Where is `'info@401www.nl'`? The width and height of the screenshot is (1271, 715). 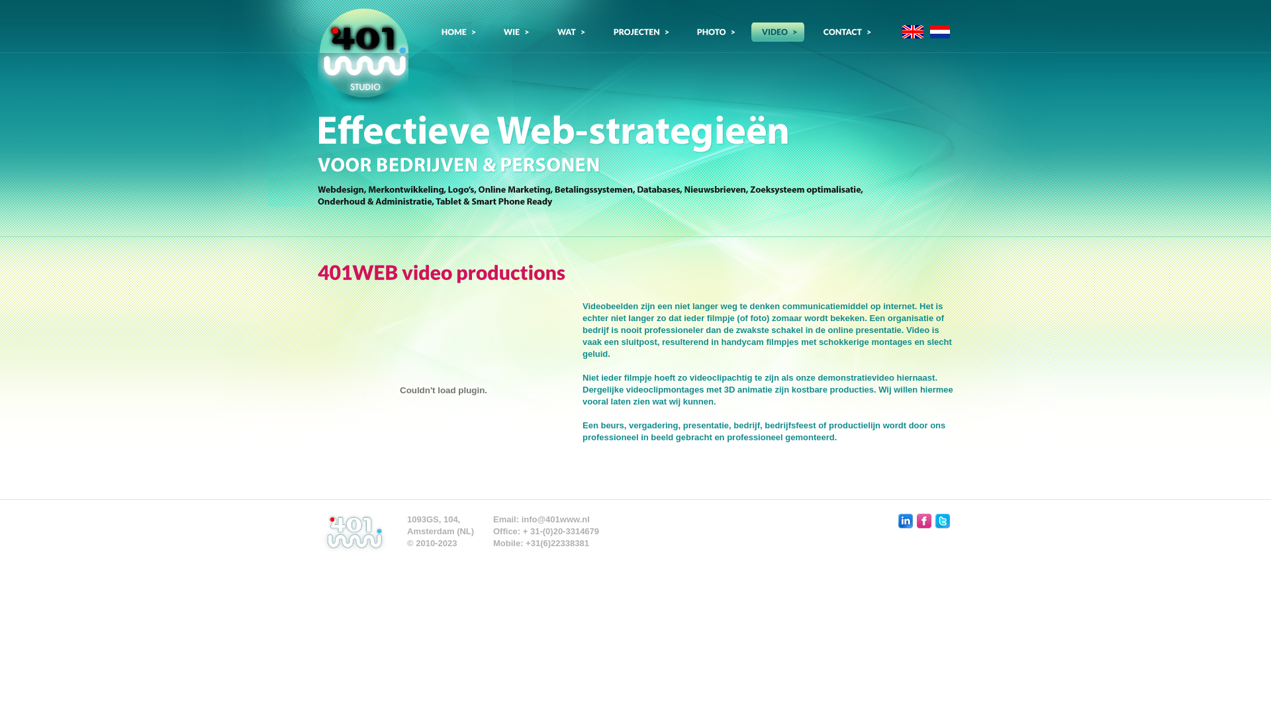
'info@401www.nl' is located at coordinates (555, 518).